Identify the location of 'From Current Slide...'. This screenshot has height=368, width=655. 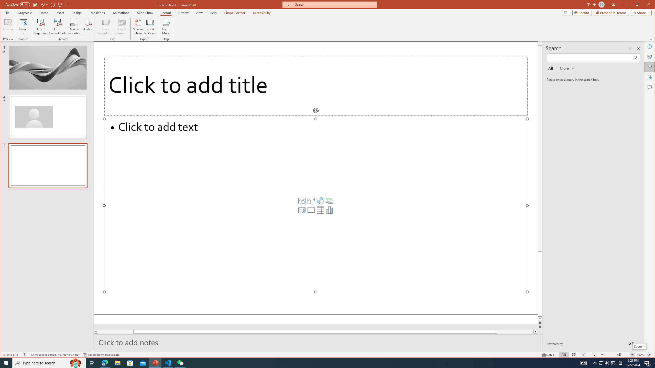
(57, 26).